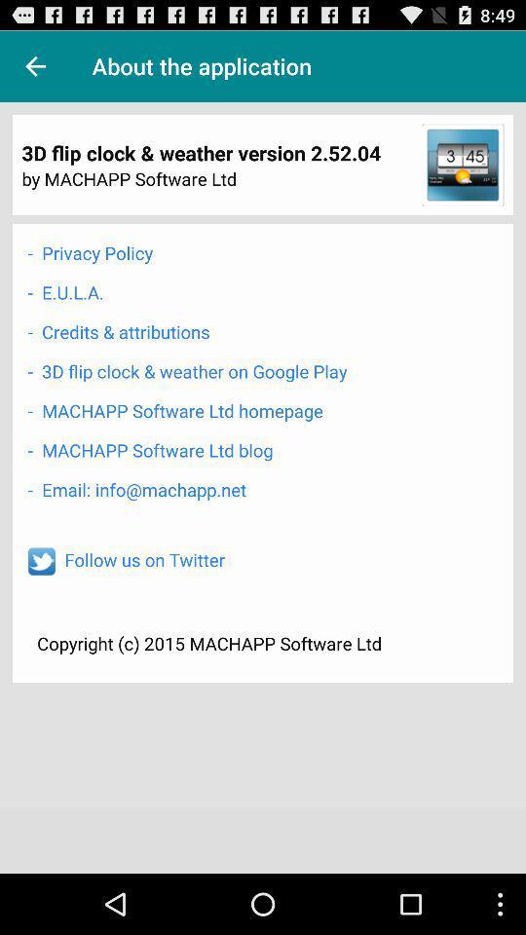 The height and width of the screenshot is (935, 526). Describe the element at coordinates (462, 164) in the screenshot. I see `item at the top right corner` at that location.